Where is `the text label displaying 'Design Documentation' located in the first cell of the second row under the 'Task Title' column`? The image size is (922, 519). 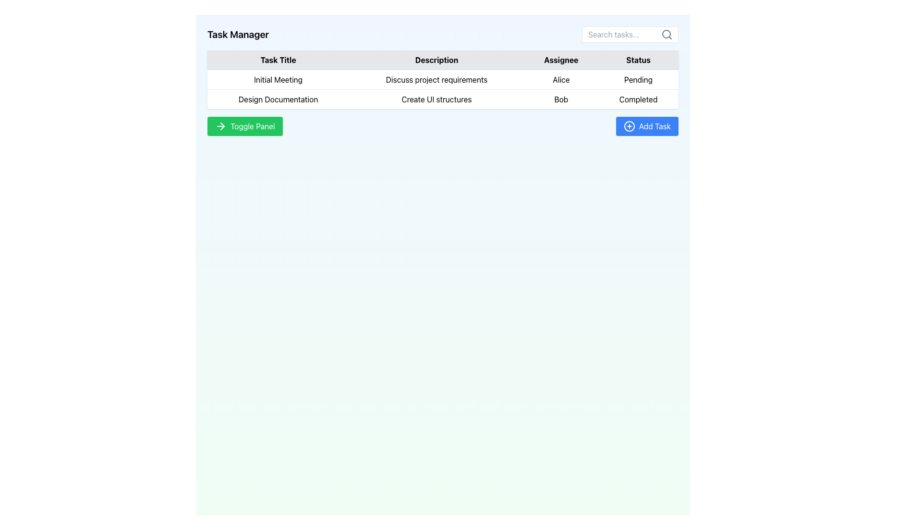 the text label displaying 'Design Documentation' located in the first cell of the second row under the 'Task Title' column is located at coordinates (278, 99).